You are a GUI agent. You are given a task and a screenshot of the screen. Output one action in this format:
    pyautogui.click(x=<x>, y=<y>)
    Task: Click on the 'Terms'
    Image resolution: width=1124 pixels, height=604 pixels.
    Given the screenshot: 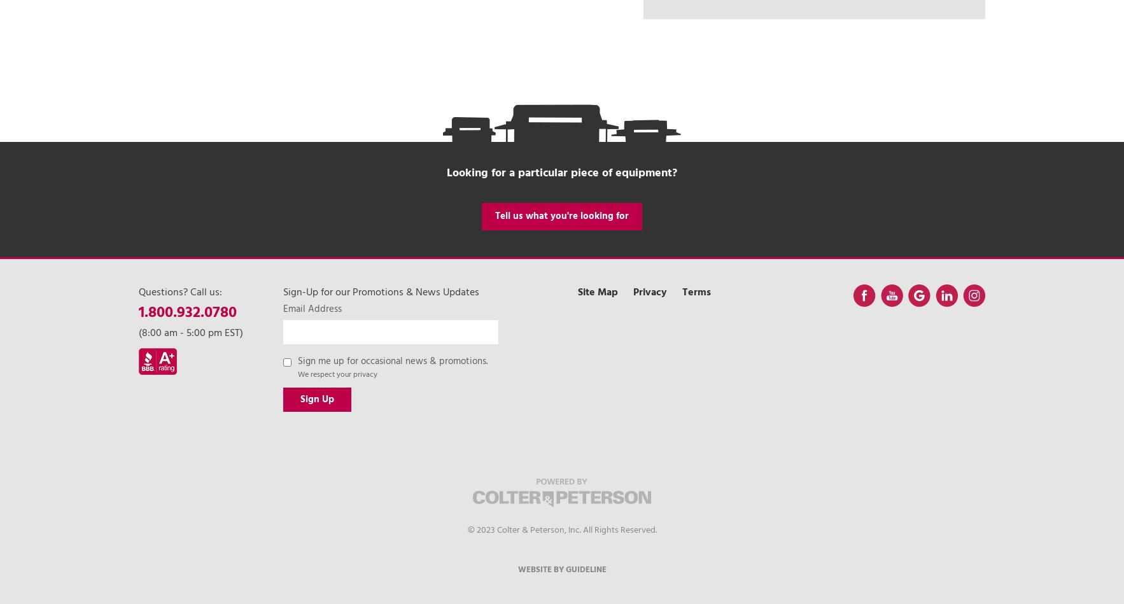 What is the action you would take?
    pyautogui.click(x=695, y=292)
    